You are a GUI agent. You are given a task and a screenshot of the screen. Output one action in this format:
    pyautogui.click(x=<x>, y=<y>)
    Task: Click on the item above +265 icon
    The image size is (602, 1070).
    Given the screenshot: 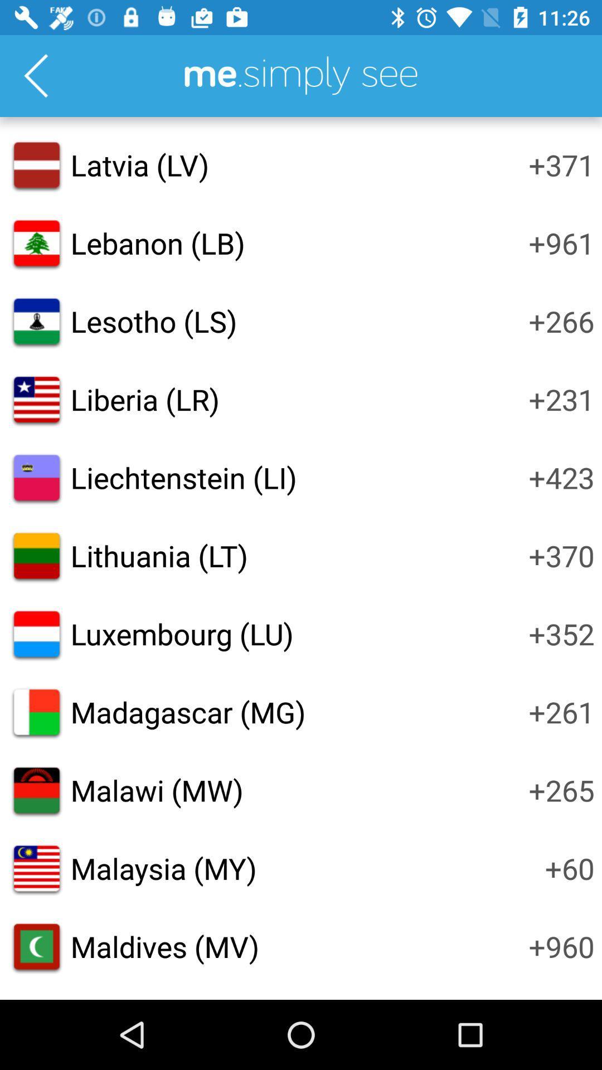 What is the action you would take?
    pyautogui.click(x=561, y=711)
    